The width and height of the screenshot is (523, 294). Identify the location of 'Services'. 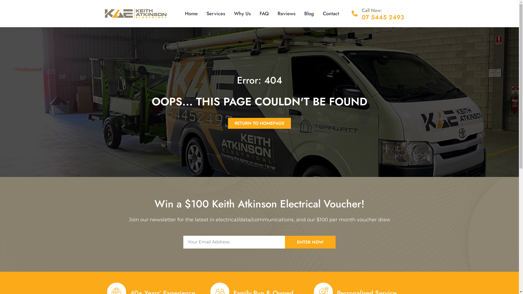
(202, 13).